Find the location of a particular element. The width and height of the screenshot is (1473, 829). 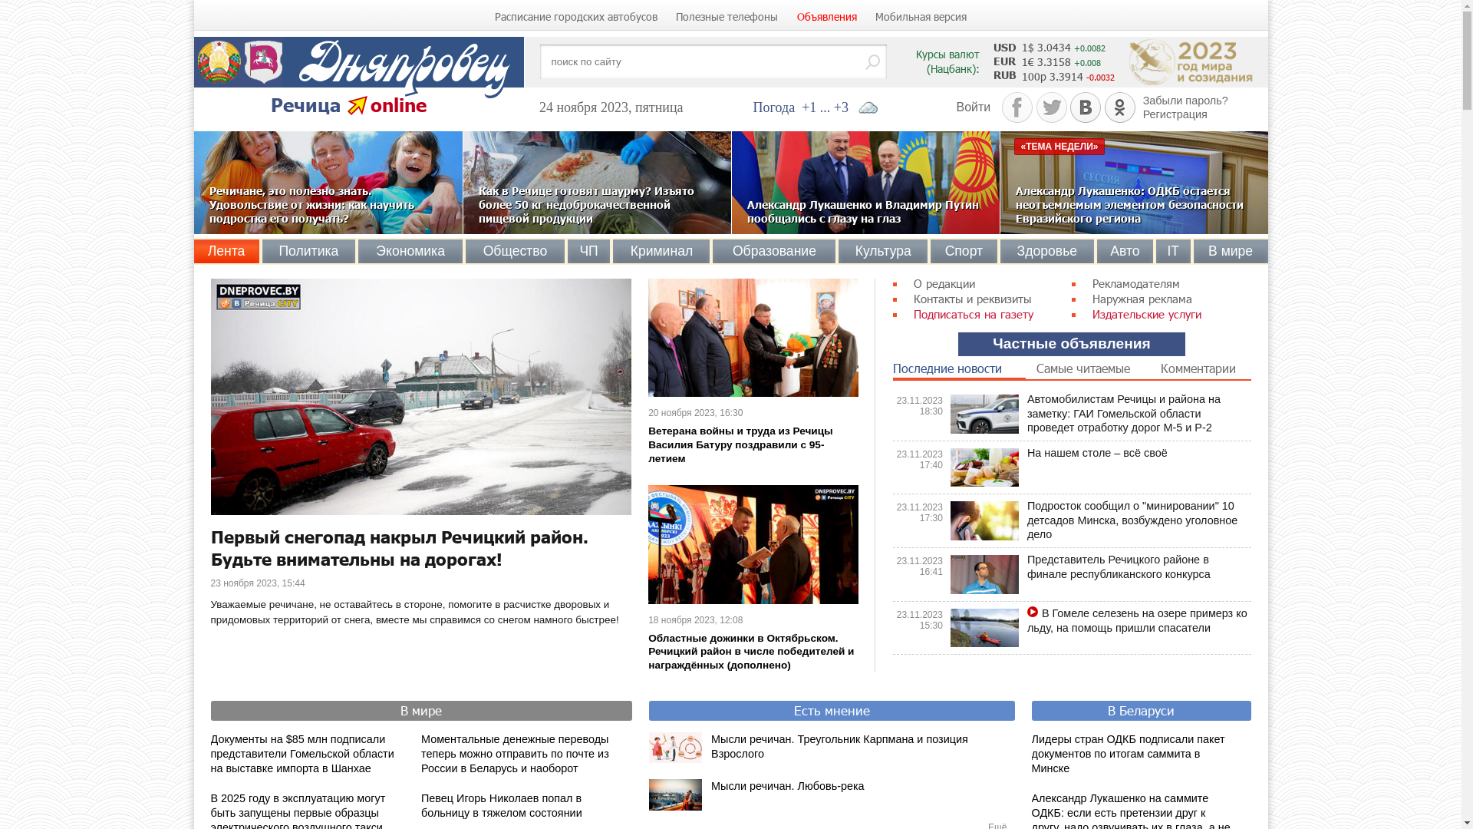

'IT' is located at coordinates (1172, 250).